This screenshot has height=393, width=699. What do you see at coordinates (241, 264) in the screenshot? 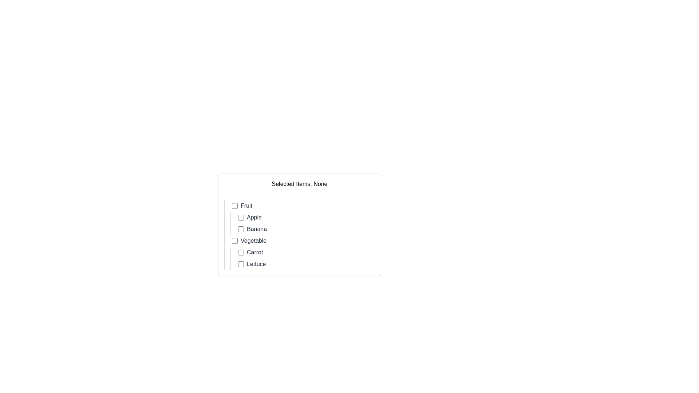
I see `the checkbox labeled 'Lettuce', which is a small square-shaped element with a light border and white interior, located near the bottom of the checklist under 'Vegetable'` at bounding box center [241, 264].